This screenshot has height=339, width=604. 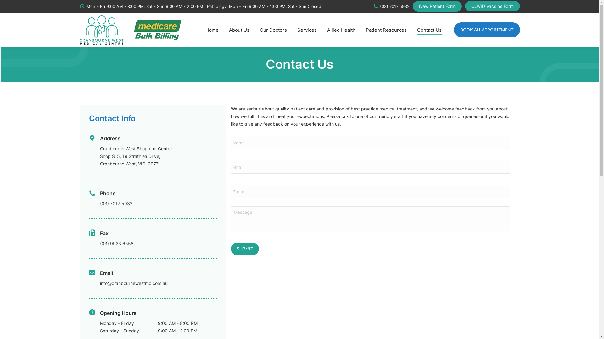 What do you see at coordinates (273, 30) in the screenshot?
I see `'Our Doctors'` at bounding box center [273, 30].